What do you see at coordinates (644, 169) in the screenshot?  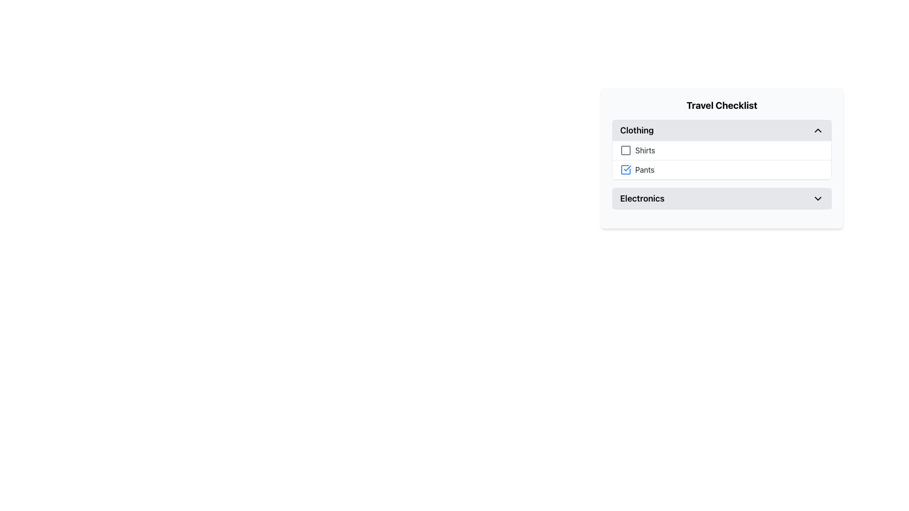 I see `the 'Pants' text label, which indicates the associated checkbox in the 'Clothing' section of the 'Travel Checklist'` at bounding box center [644, 169].